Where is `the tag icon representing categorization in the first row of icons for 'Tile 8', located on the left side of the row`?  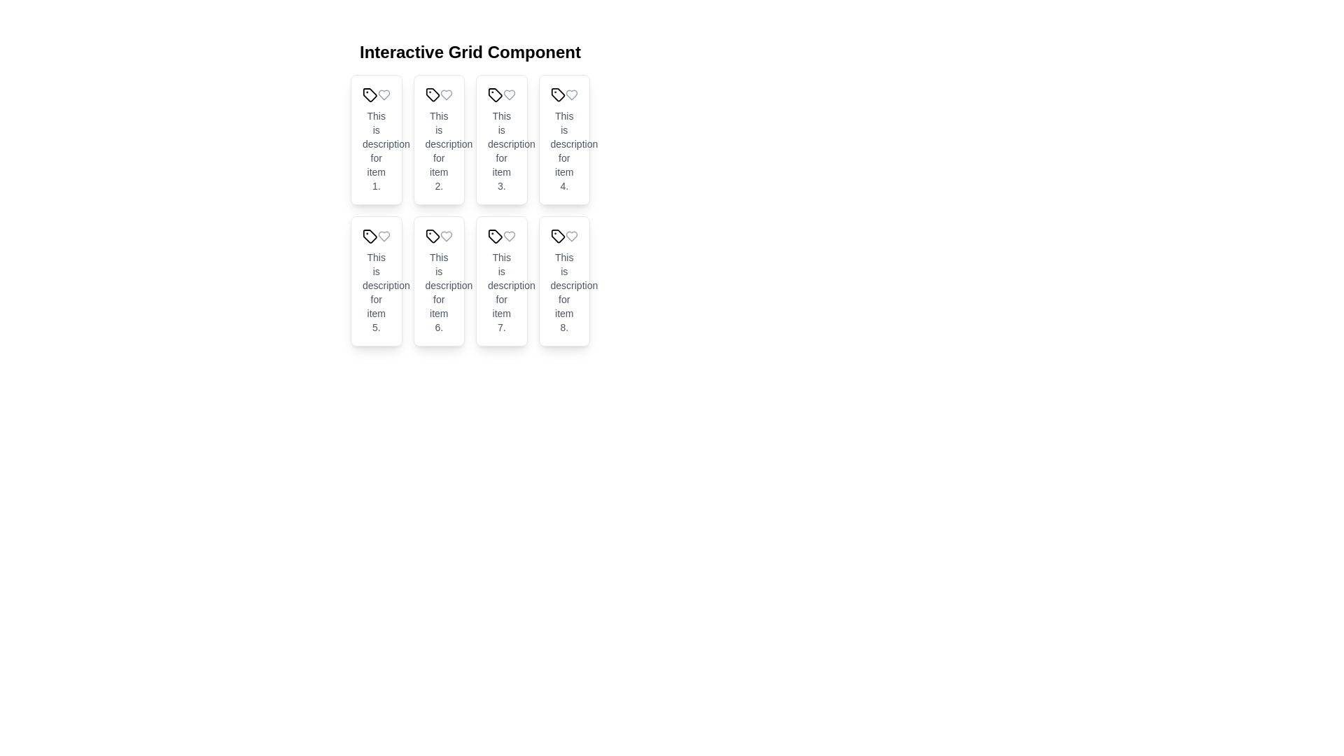
the tag icon representing categorization in the first row of icons for 'Tile 8', located on the left side of the row is located at coordinates (564, 236).